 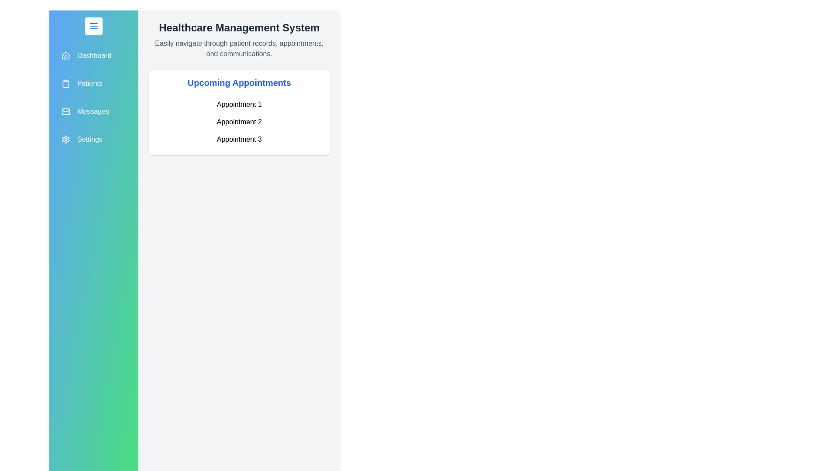 I want to click on the navigation item Patients, so click(x=93, y=84).